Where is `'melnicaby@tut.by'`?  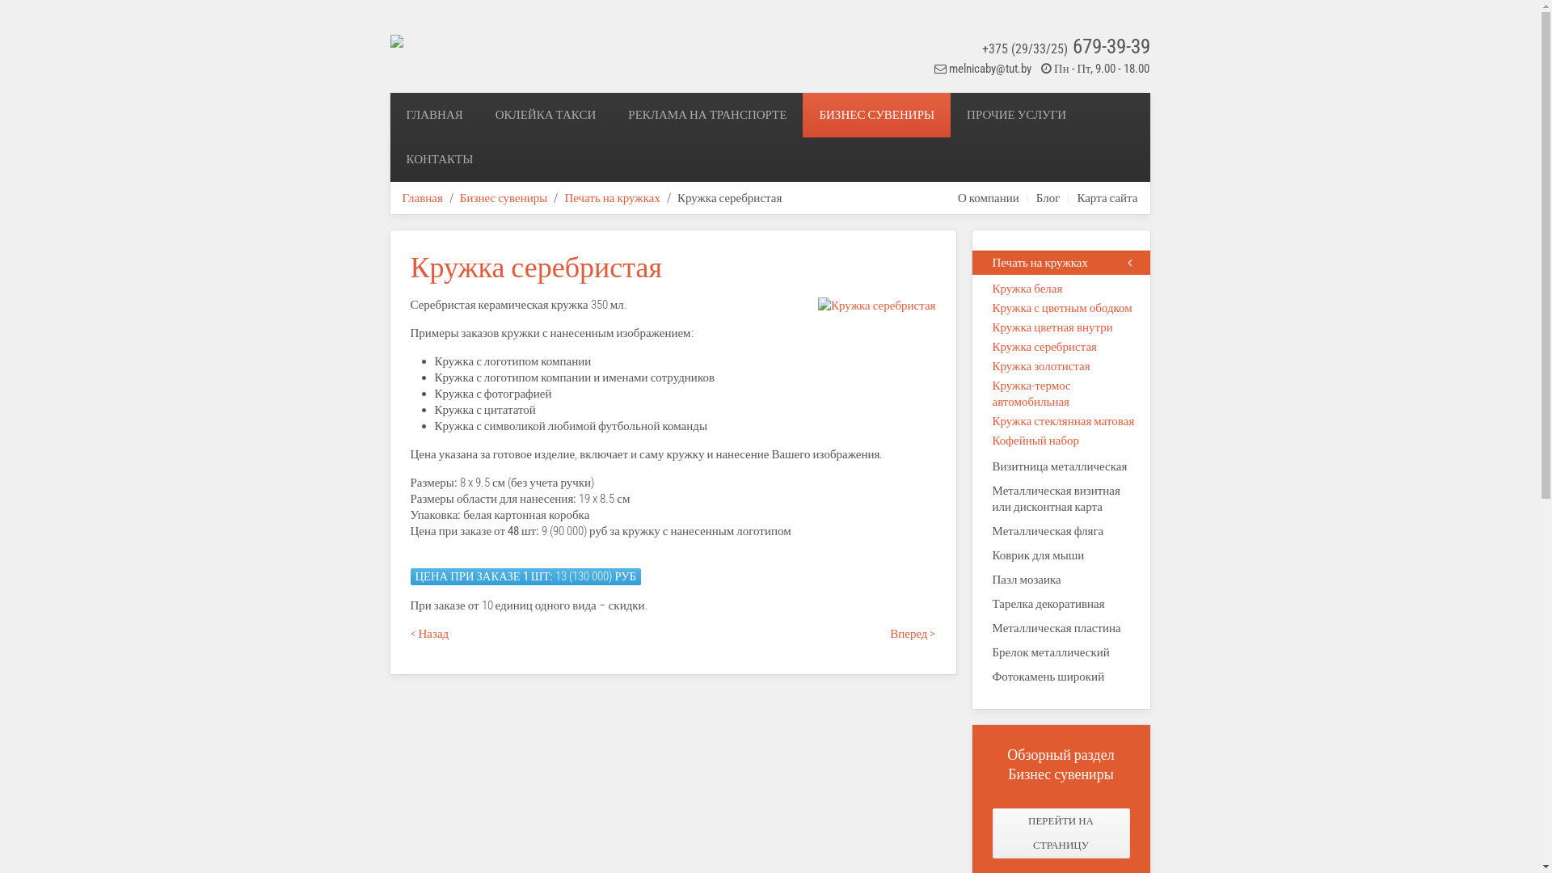 'melnicaby@tut.by' is located at coordinates (949, 67).